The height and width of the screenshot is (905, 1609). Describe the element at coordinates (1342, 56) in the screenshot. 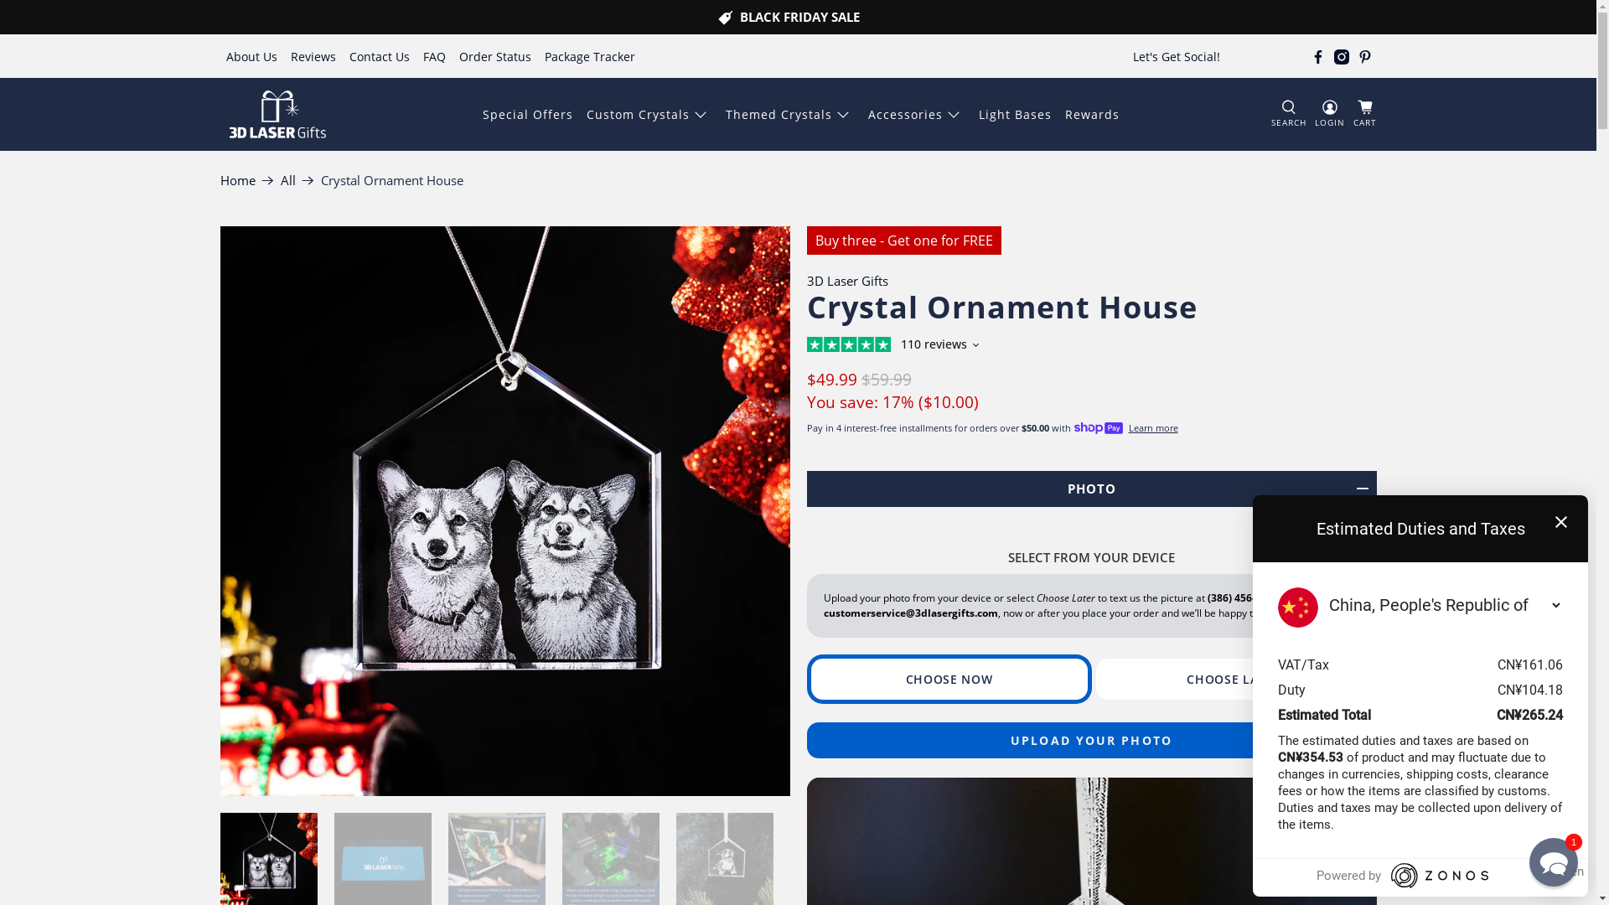

I see `'3D Laser Gifts on Instagram'` at that location.